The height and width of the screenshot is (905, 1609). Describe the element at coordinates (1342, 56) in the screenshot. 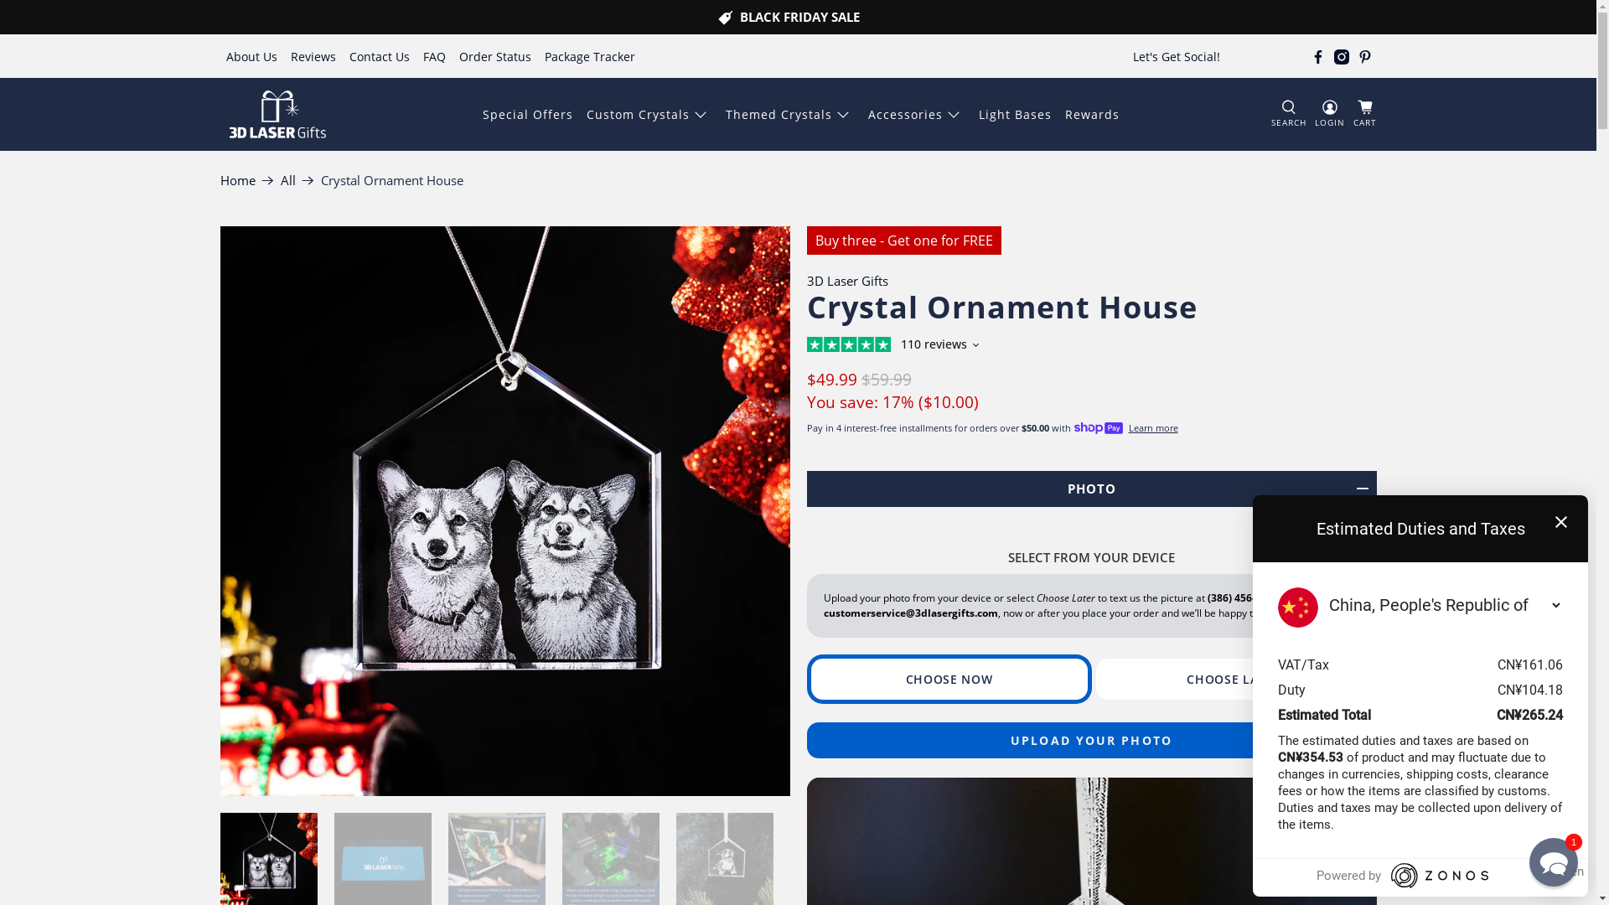

I see `'3D Laser Gifts on Instagram'` at that location.